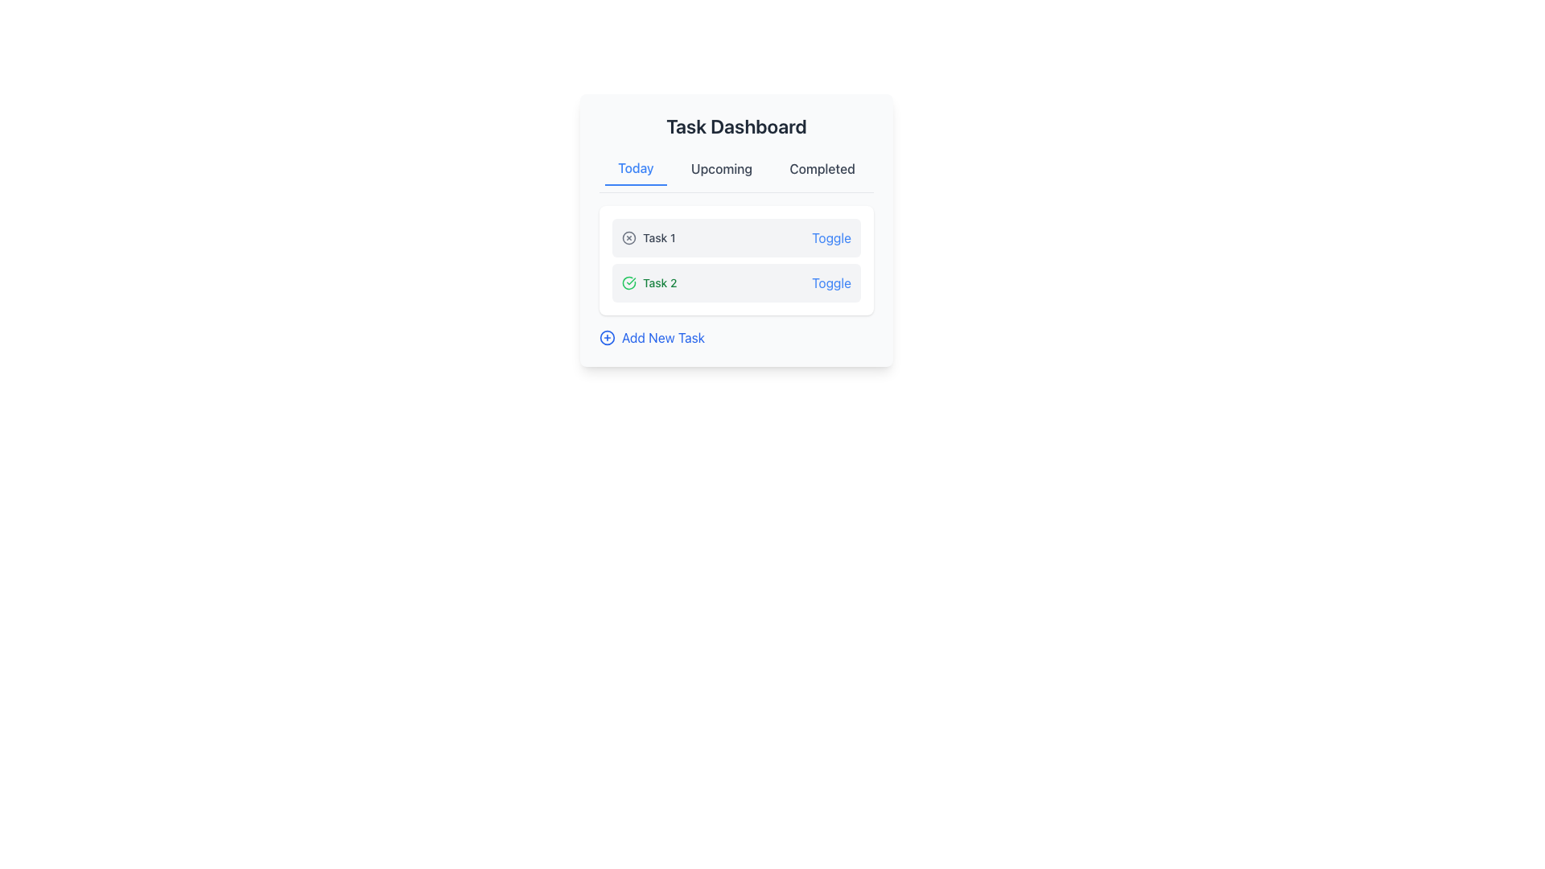 This screenshot has height=869, width=1545. I want to click on the task-specific icons located within the first list card of the 'Task Dashboard' section under the 'Today' tab, so click(735, 230).